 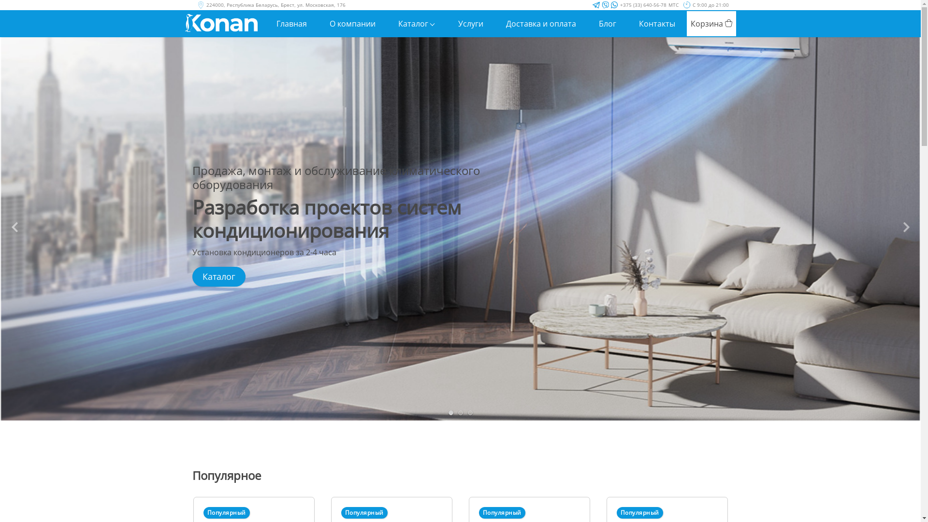 I want to click on '+375 (33) 640-56-78', so click(x=642, y=5).